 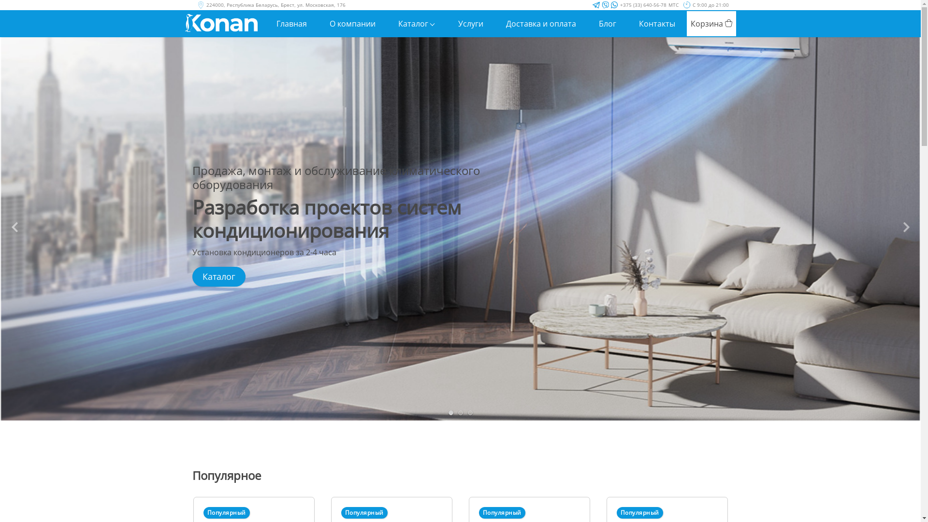 I want to click on '+375 (33) 640-56-78', so click(x=642, y=5).